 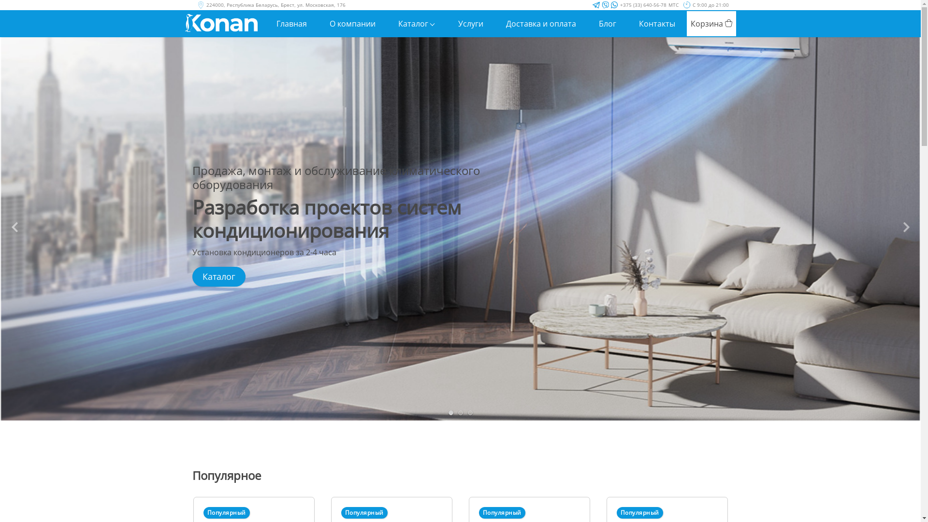 I want to click on '+375 (33) 640-56-78', so click(x=642, y=5).